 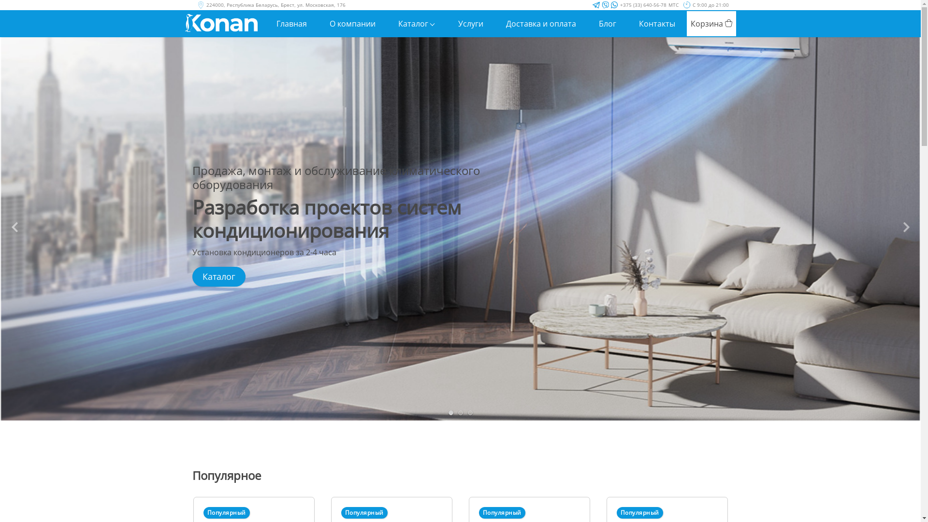 I want to click on '+375 (33) 640-56-78', so click(x=642, y=5).